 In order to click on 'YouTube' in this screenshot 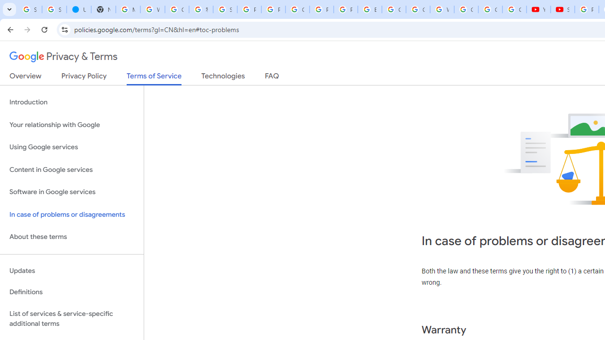, I will do `click(538, 9)`.